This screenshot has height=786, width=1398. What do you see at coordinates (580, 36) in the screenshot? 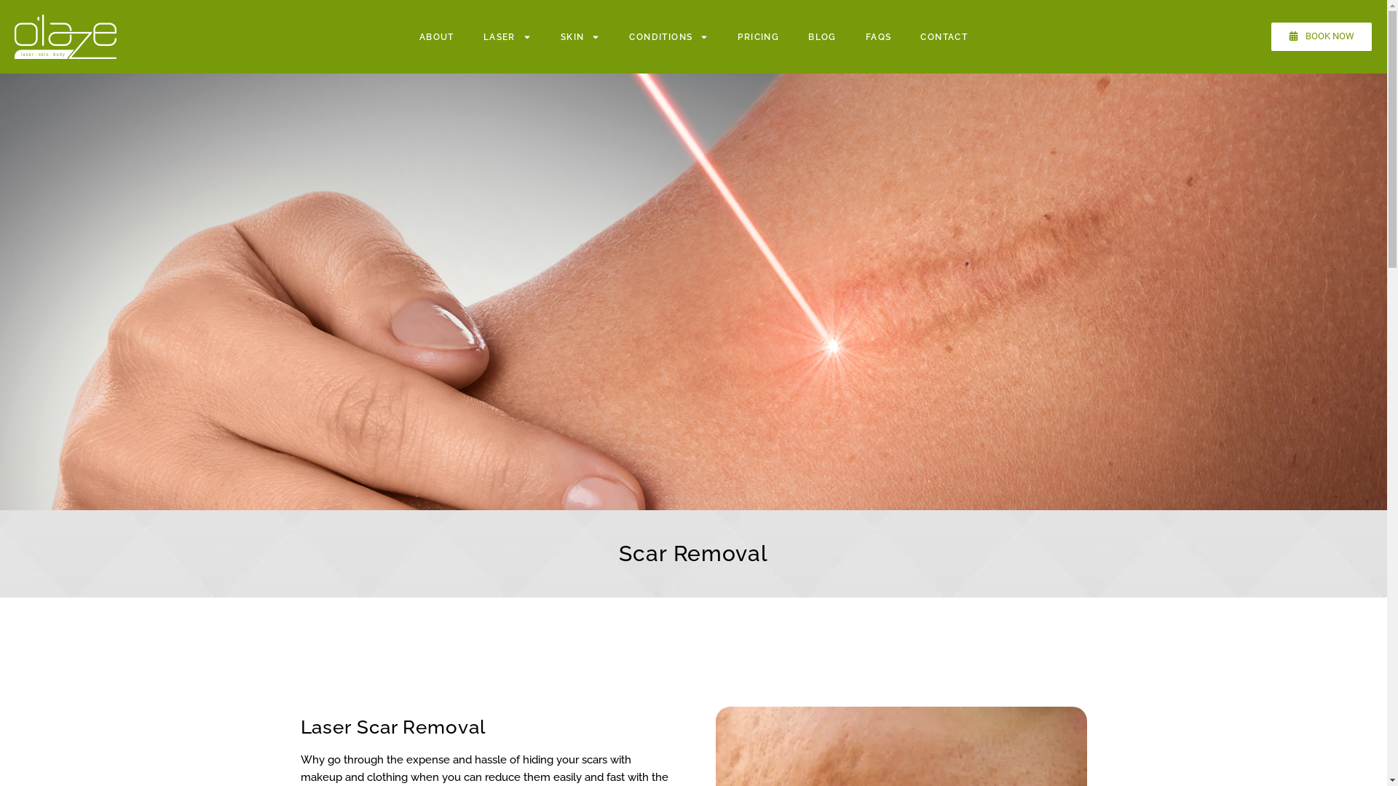
I see `'SKIN'` at bounding box center [580, 36].